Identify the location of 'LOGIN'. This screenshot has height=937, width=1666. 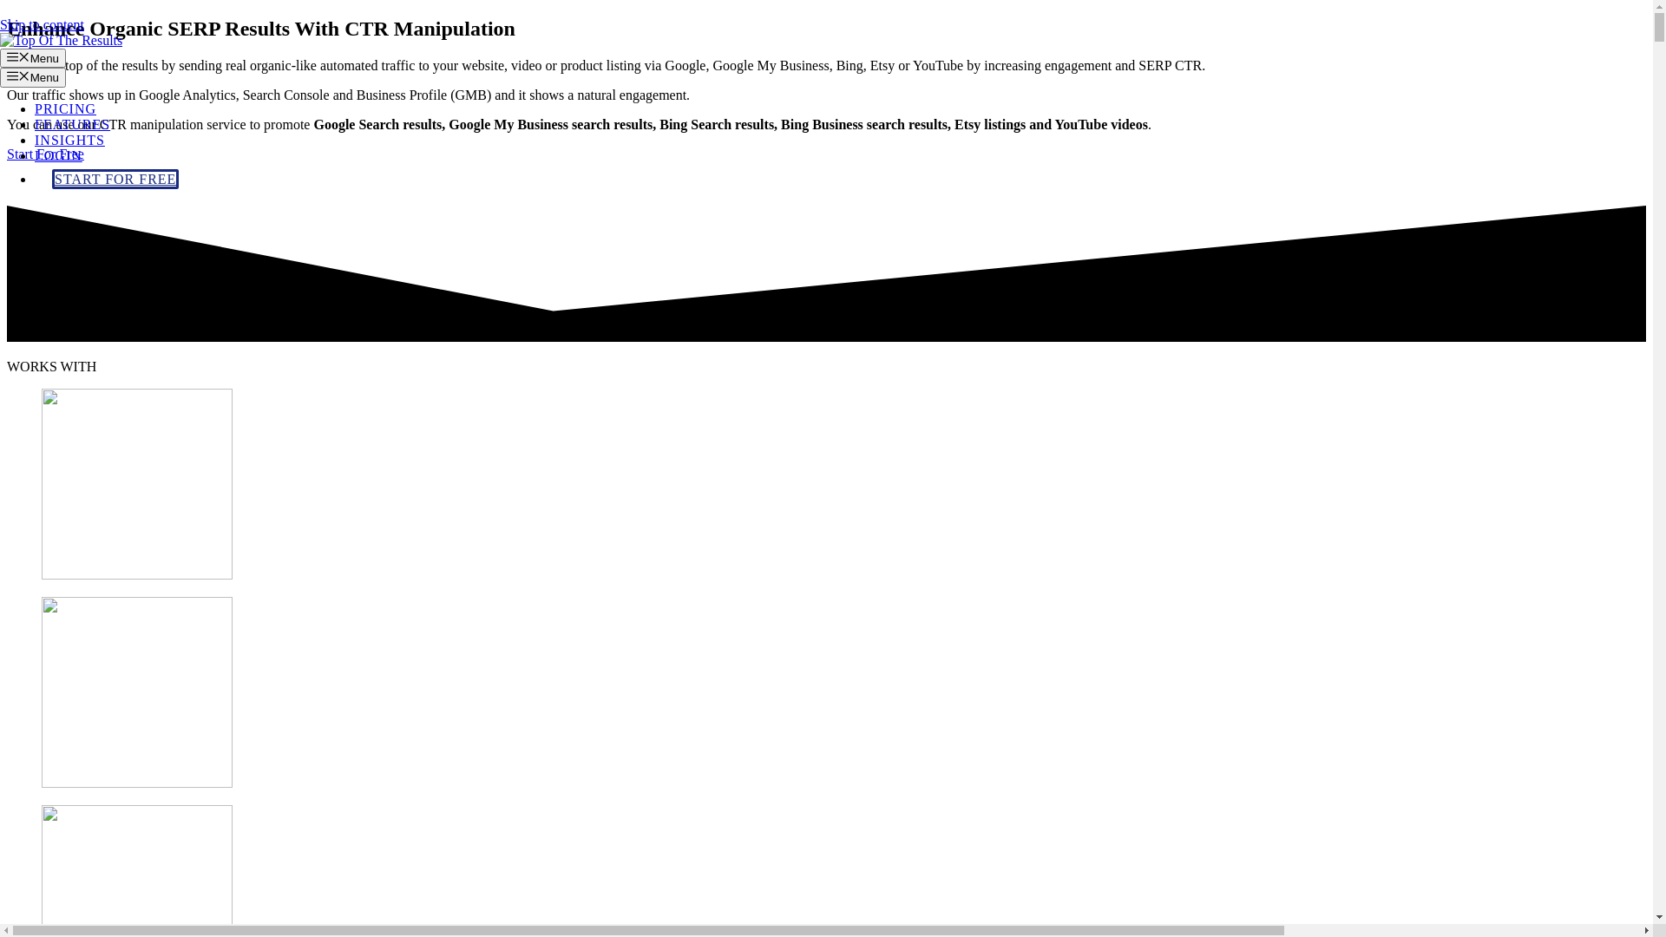
(58, 154).